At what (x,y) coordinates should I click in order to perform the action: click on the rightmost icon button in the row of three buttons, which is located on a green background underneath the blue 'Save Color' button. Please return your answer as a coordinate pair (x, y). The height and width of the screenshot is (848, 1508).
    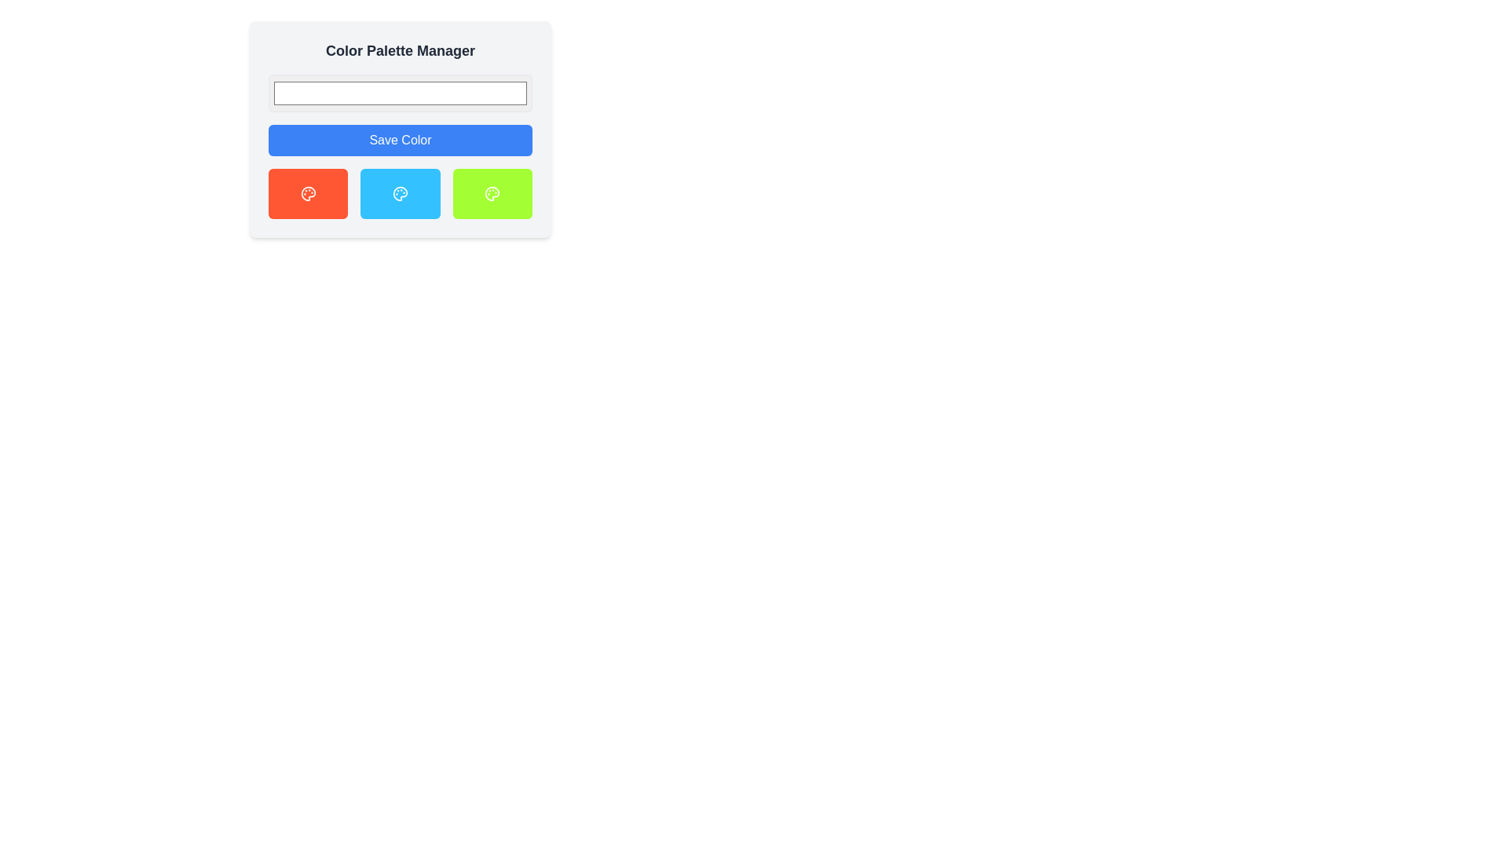
    Looking at the image, I should click on (492, 192).